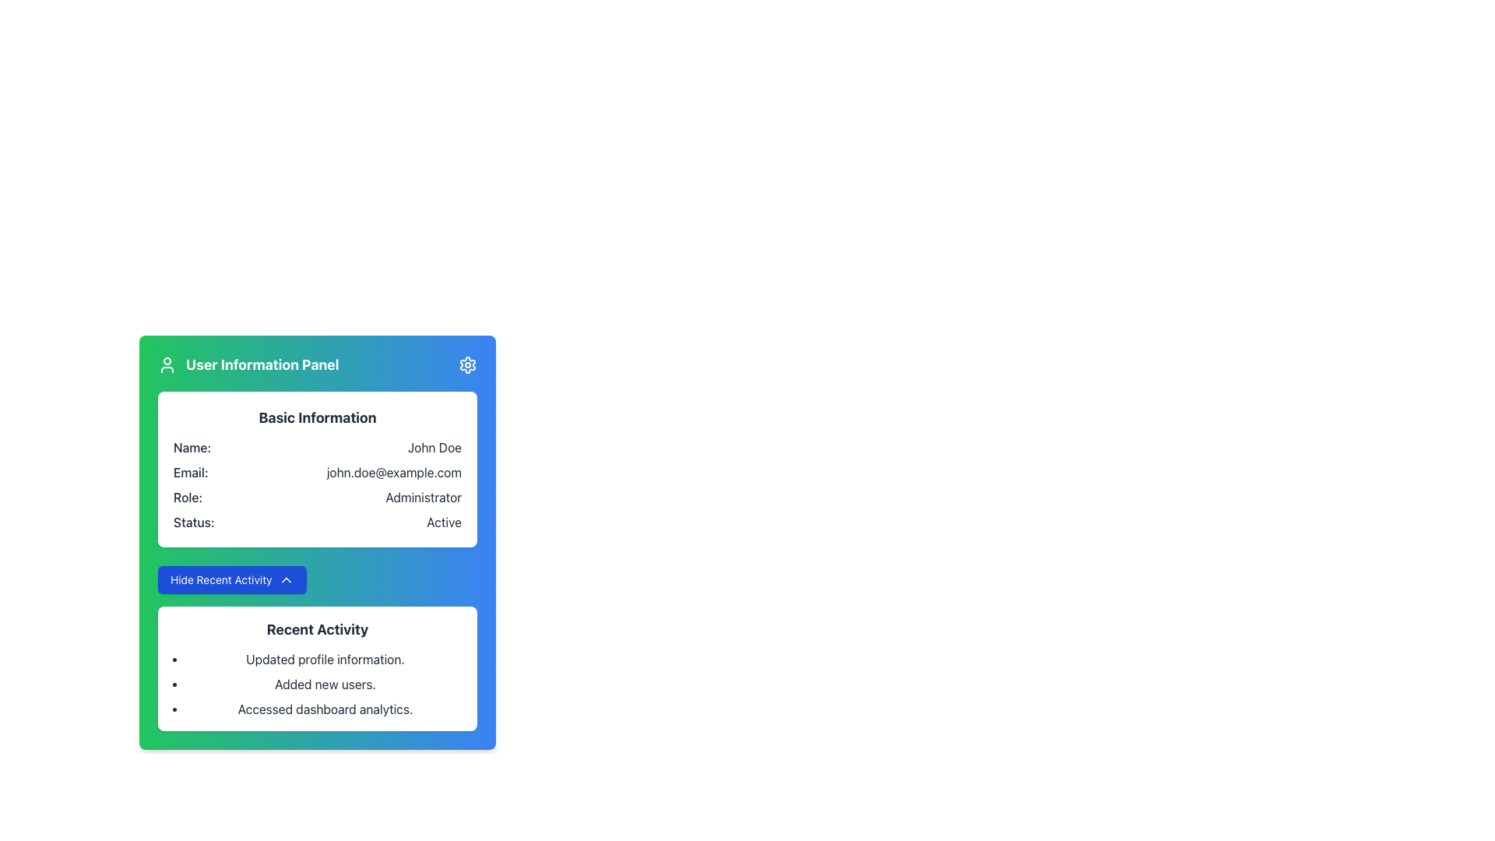 The height and width of the screenshot is (841, 1495). I want to click on the blue cogwheel-shaped icon in the top-right corner of the User Information Panel, so click(466, 365).